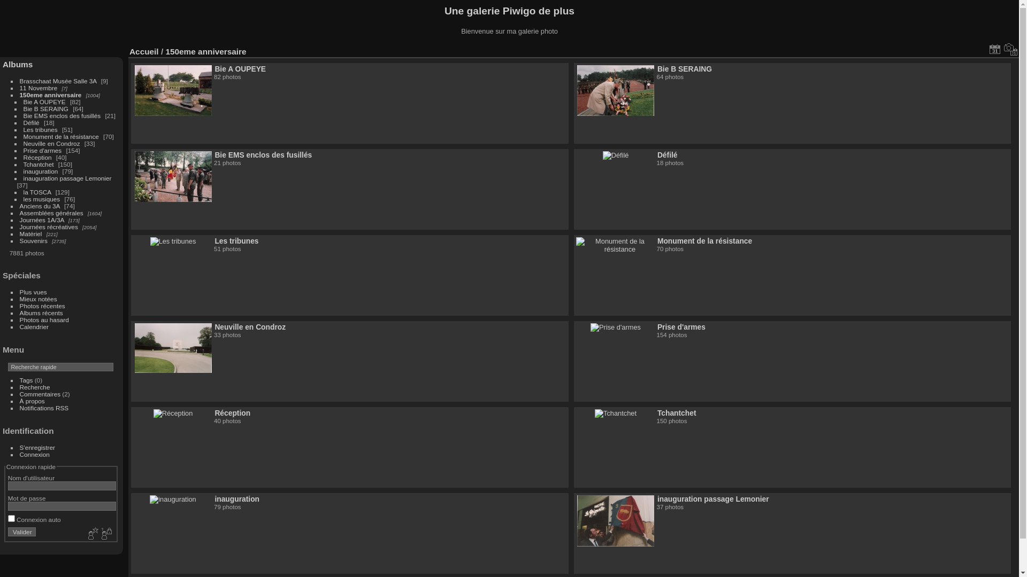  What do you see at coordinates (685, 68) in the screenshot?
I see `'Bie B SERAING'` at bounding box center [685, 68].